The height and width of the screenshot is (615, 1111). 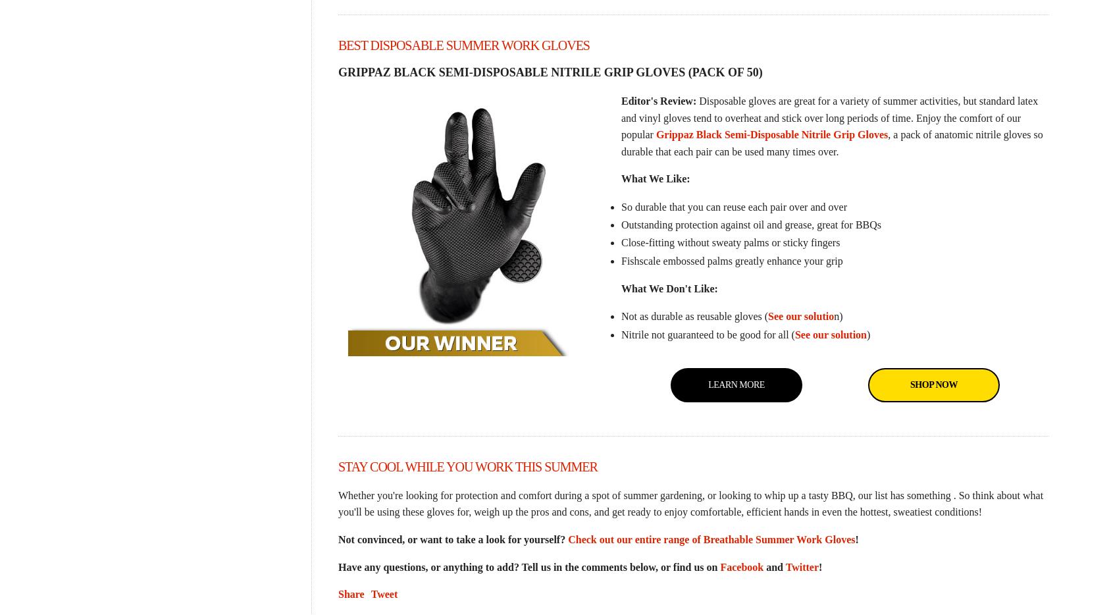 I want to click on 'See our solution', so click(x=830, y=333).